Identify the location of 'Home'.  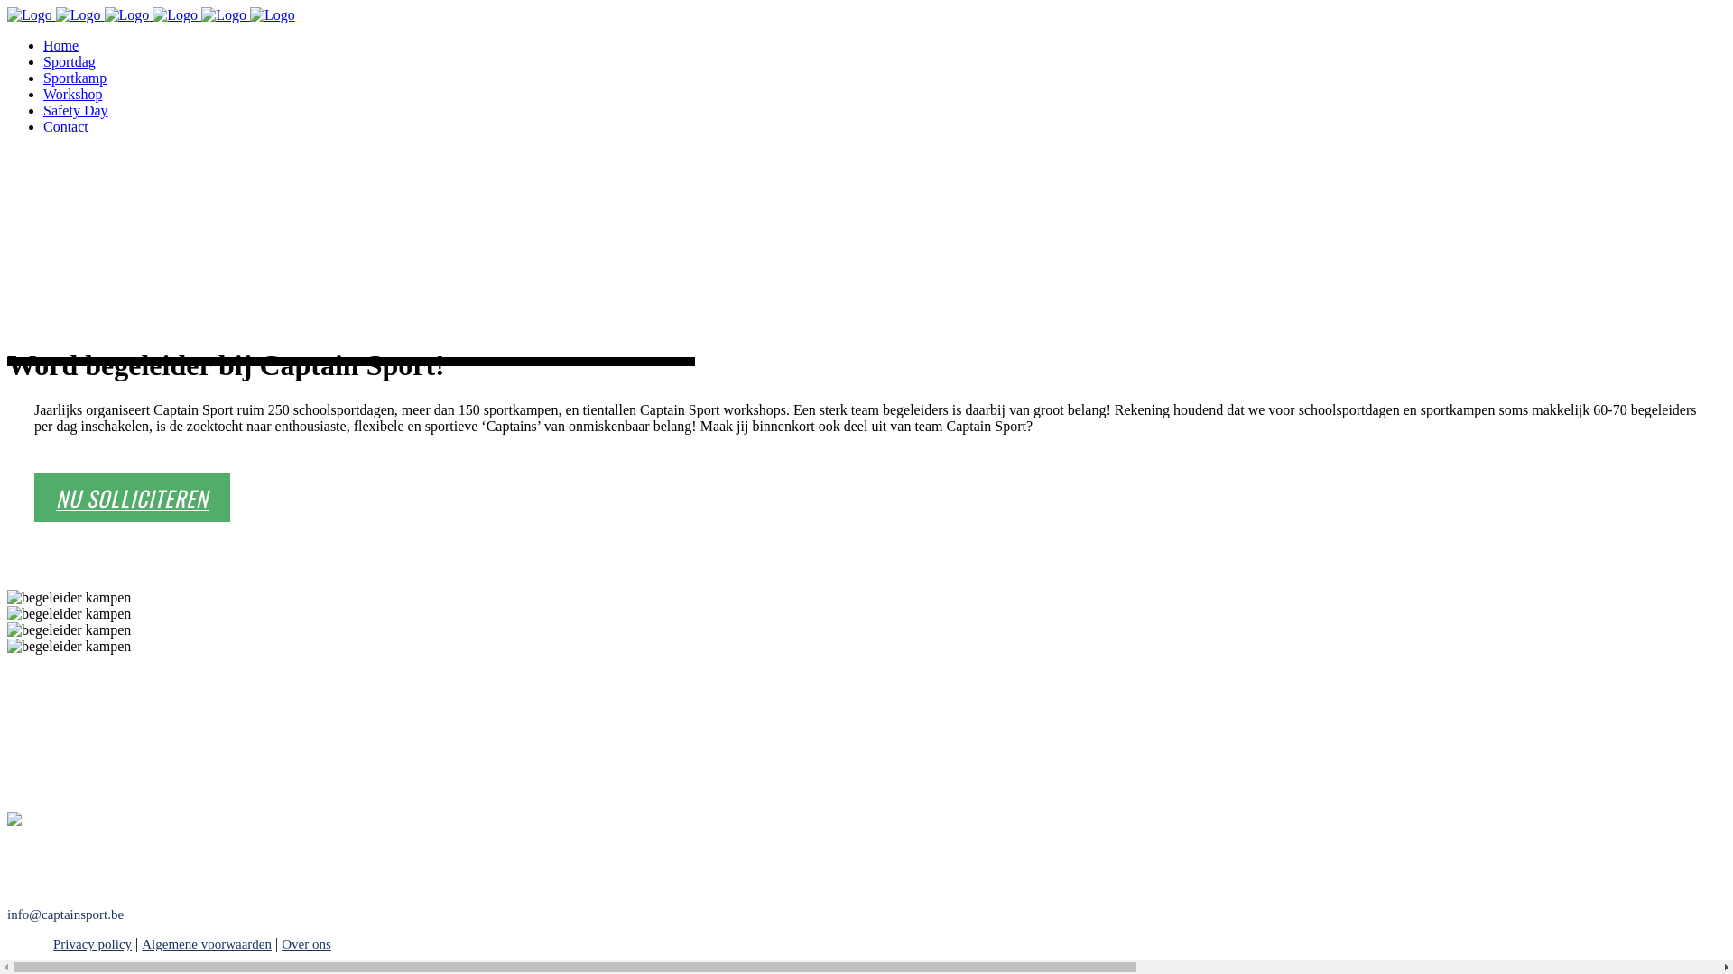
(60, 44).